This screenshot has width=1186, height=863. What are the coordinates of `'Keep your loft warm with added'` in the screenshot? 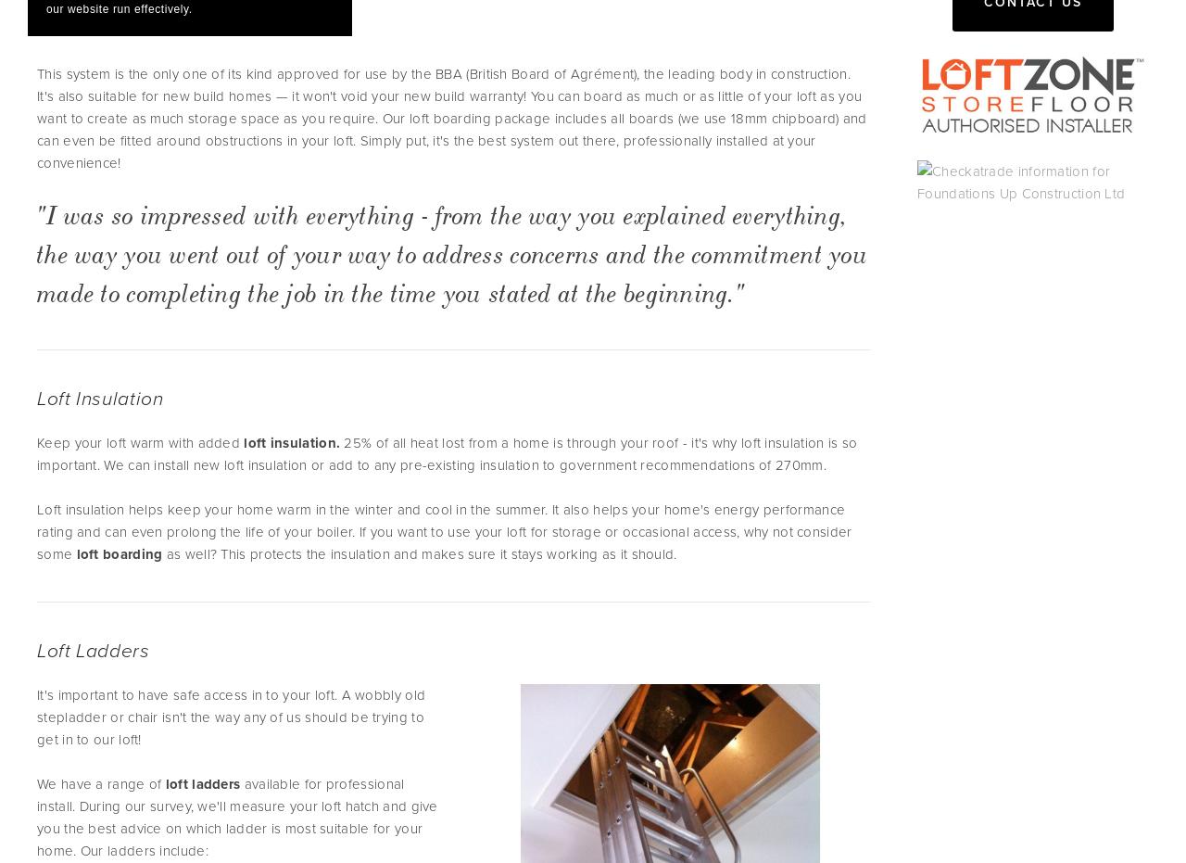 It's located at (139, 442).